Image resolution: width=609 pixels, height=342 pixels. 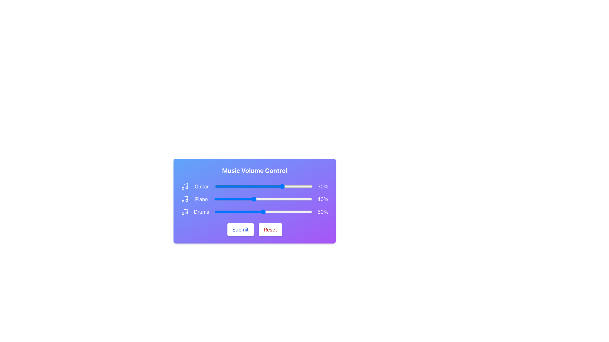 What do you see at coordinates (184, 186) in the screenshot?
I see `the music note icon located left of the 'Guitar' label, which is part of the volume controls for instruments` at bounding box center [184, 186].